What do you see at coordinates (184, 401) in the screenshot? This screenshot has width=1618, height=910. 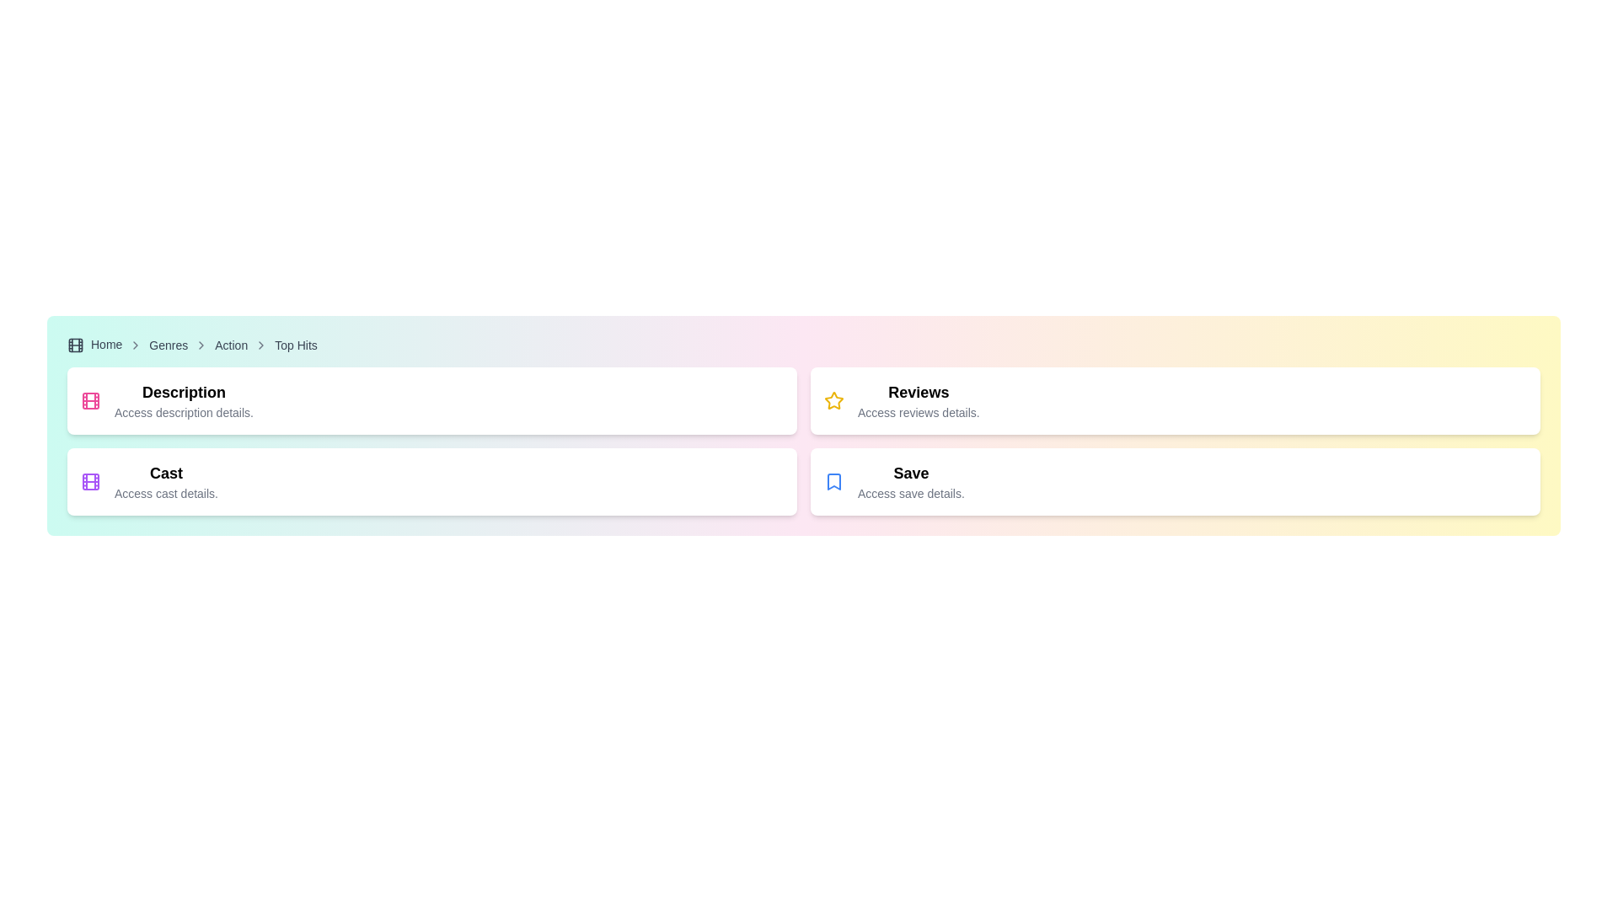 I see `the title and subtitle text-based UI component that introduces the 'Description' feature, located in the upper-left quadrant of the interface, above the 'Cast' element and next to a pink film reel icon` at bounding box center [184, 401].